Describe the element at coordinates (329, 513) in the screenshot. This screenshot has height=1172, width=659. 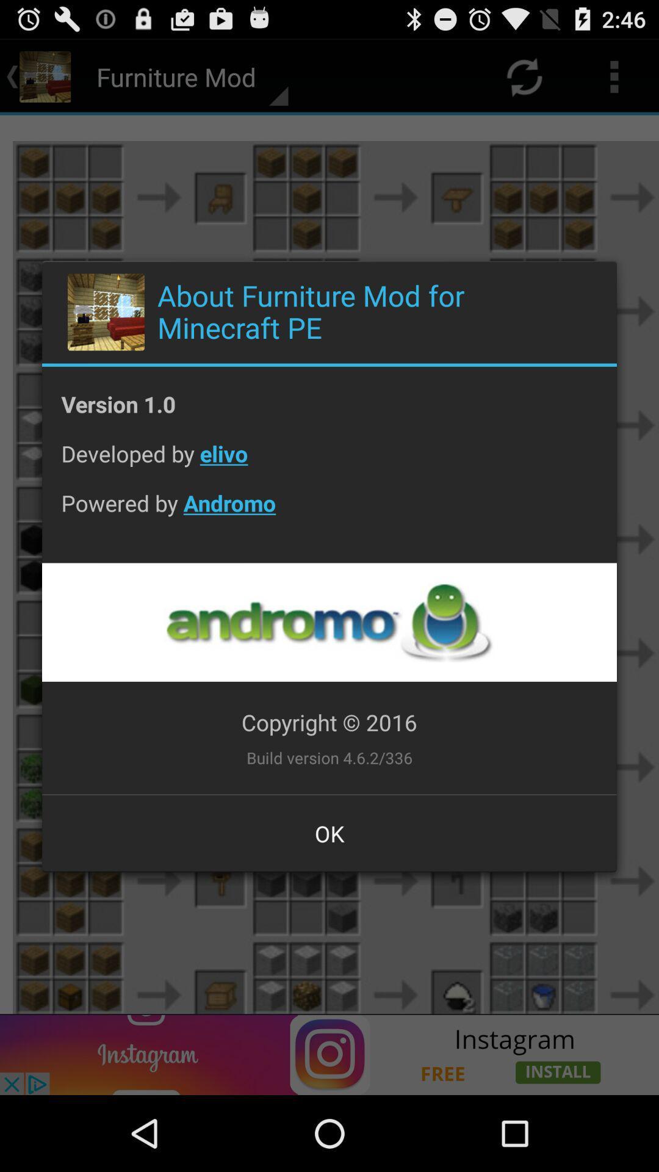
I see `the icon below the developed by elivo icon` at that location.